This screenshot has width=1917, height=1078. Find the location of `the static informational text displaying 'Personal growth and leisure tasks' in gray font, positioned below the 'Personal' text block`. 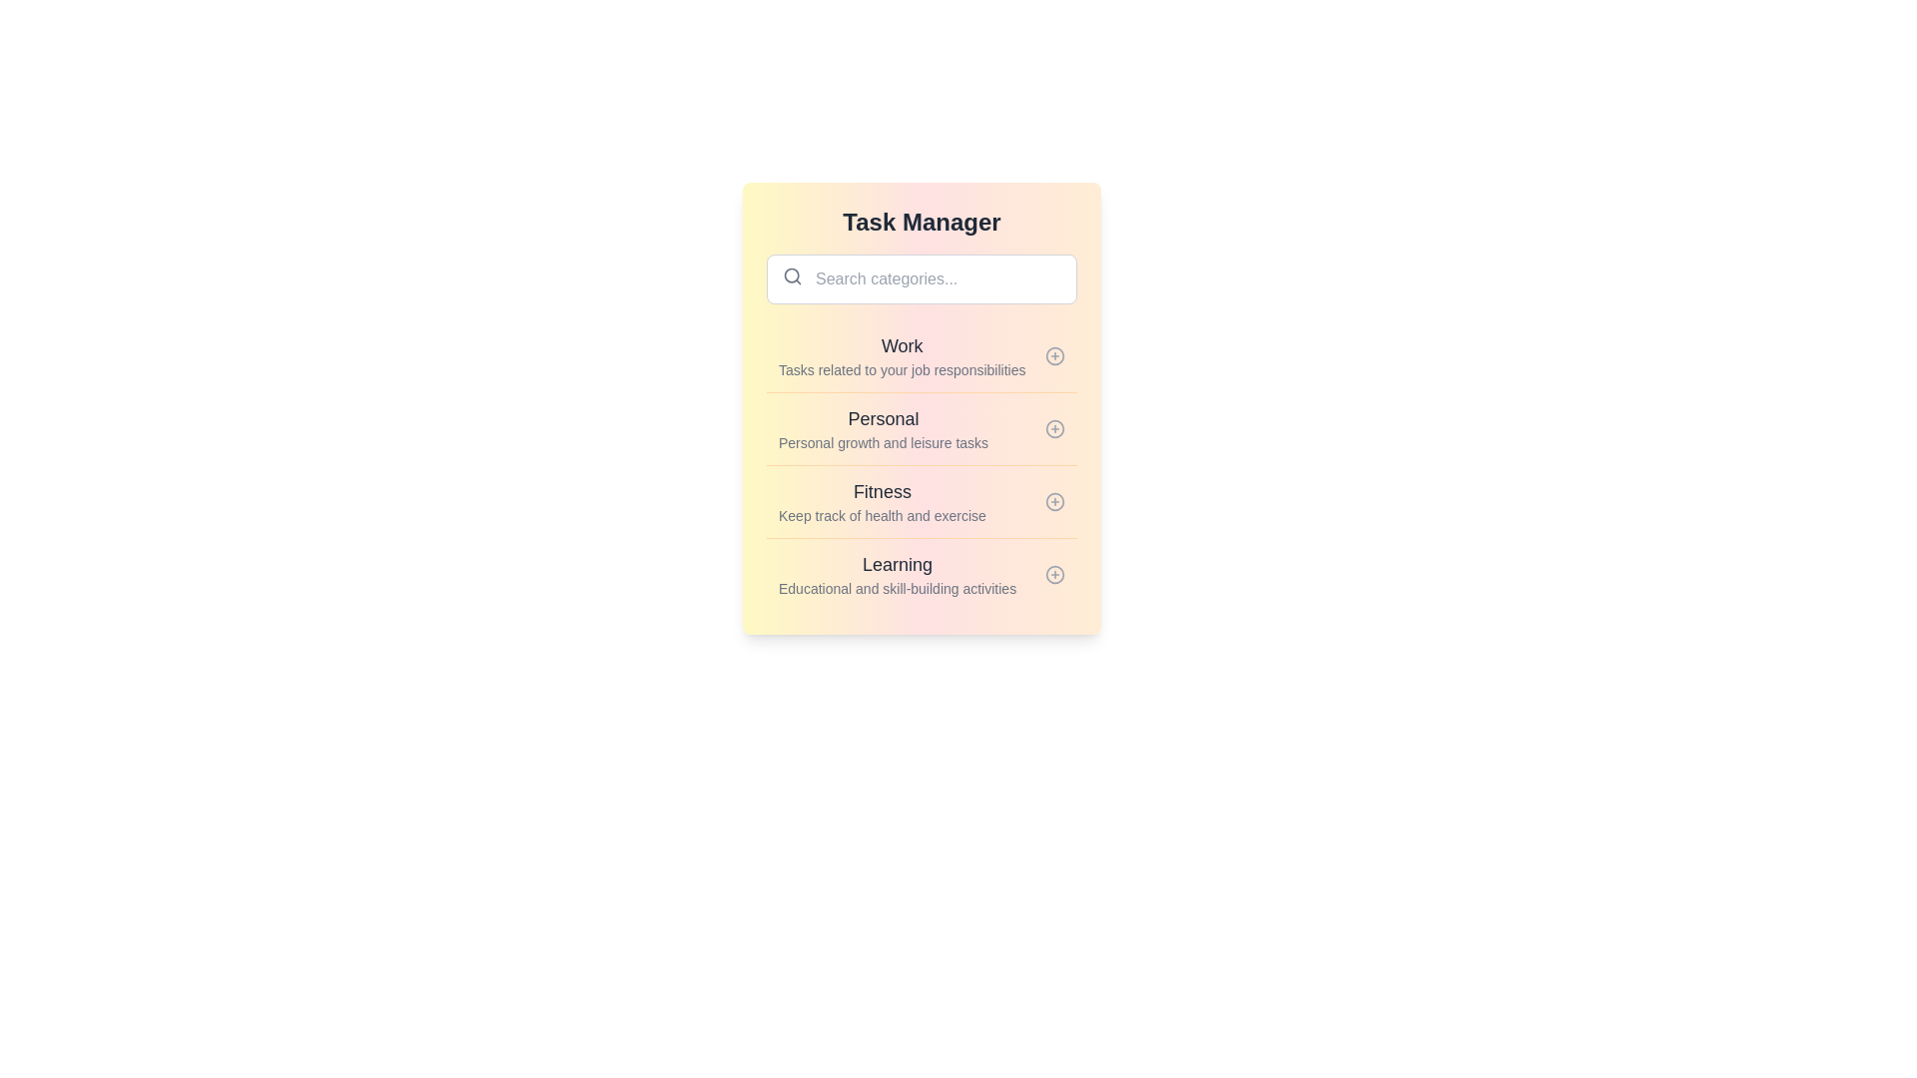

the static informational text displaying 'Personal growth and leisure tasks' in gray font, positioned below the 'Personal' text block is located at coordinates (883, 441).